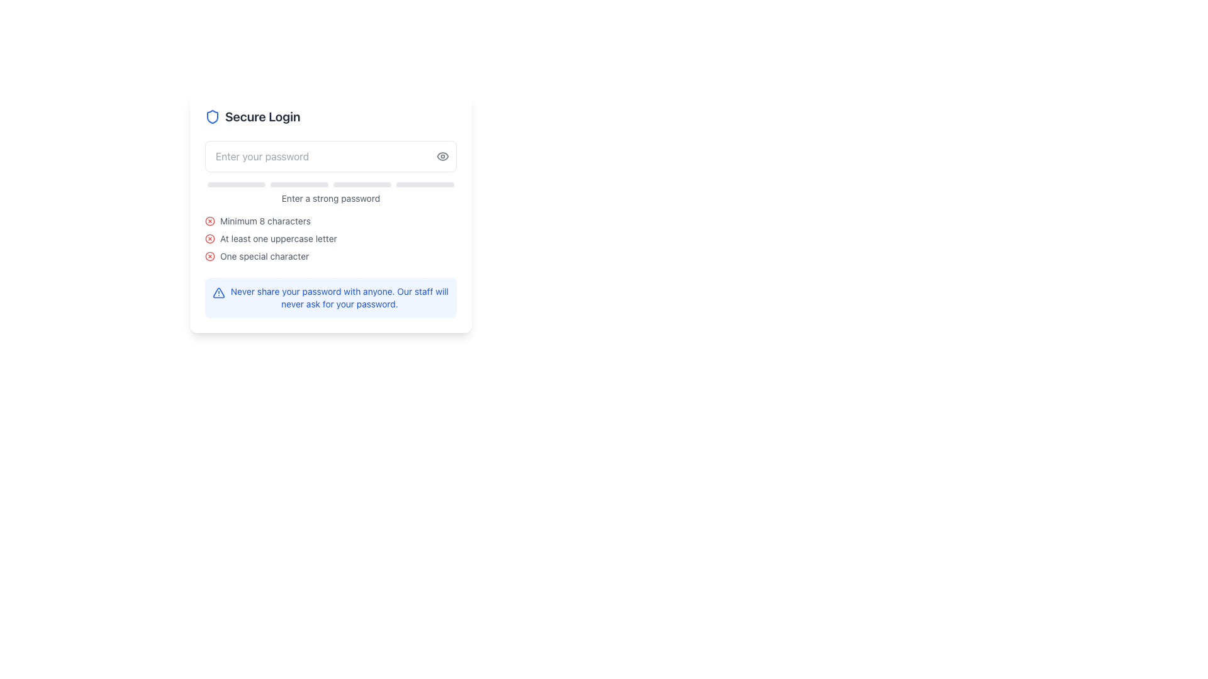 This screenshot has width=1208, height=679. What do you see at coordinates (362, 184) in the screenshot?
I see `the progress bar located centrally under the password input box, which serves as a visual indicator for password strength` at bounding box center [362, 184].